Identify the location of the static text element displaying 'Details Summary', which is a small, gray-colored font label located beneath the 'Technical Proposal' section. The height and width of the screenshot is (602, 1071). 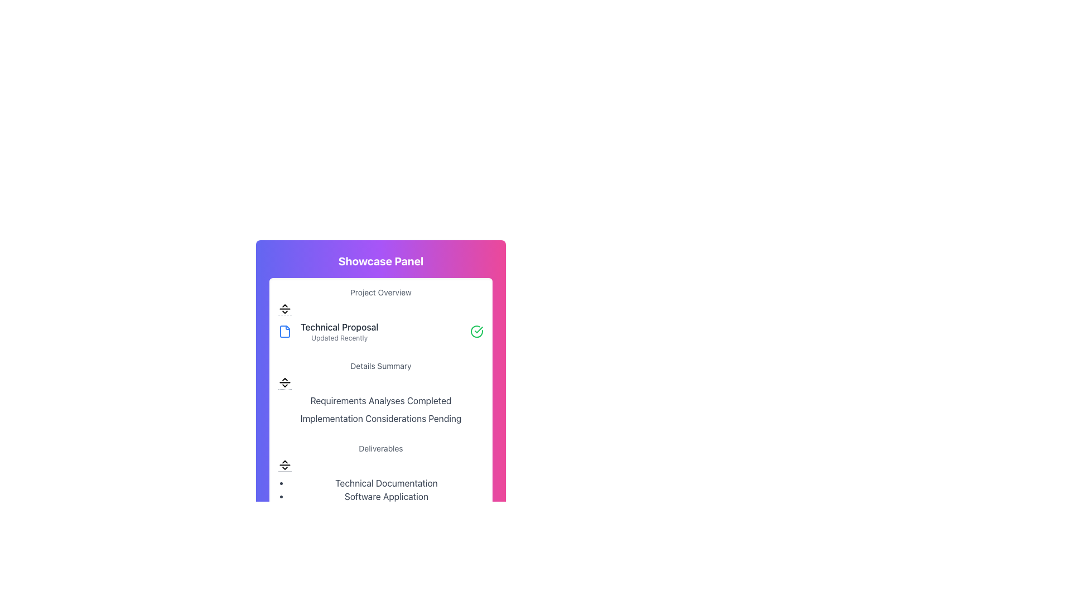
(380, 366).